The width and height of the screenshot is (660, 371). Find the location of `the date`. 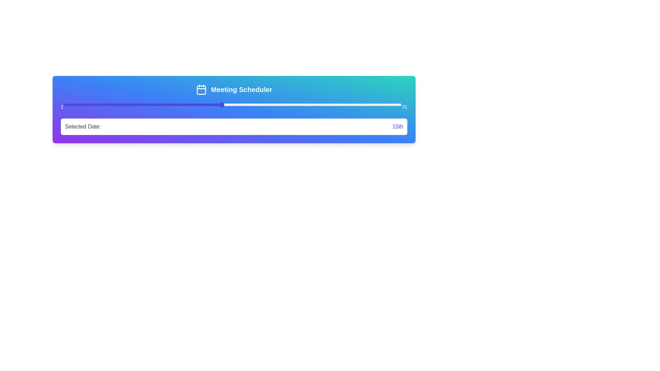

the date is located at coordinates (176, 104).